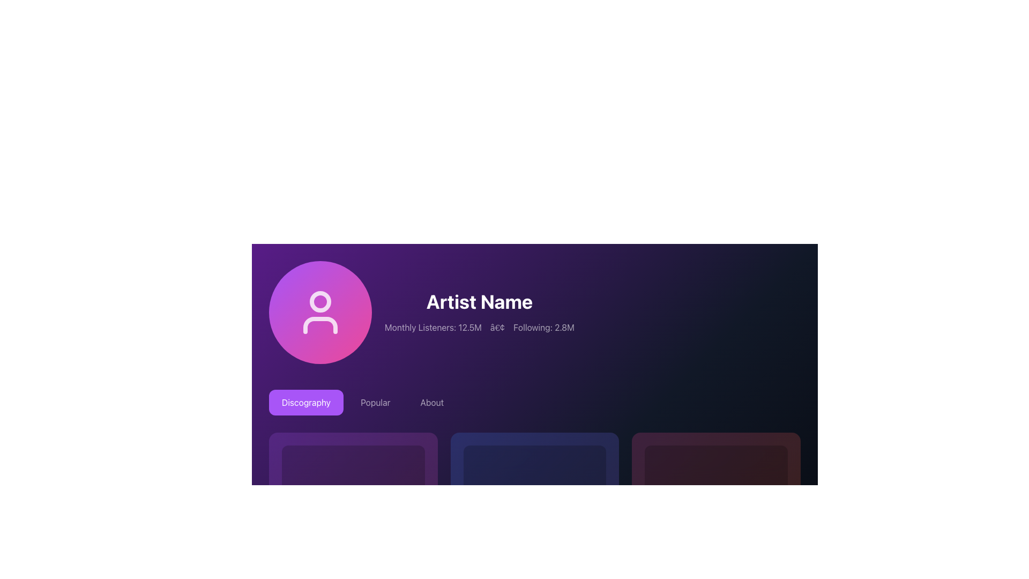 The width and height of the screenshot is (1029, 579). I want to click on the decorative circle located at the bottom right corner of the main display section, which signifies a loading process or serves as an interactive button, so click(716, 516).